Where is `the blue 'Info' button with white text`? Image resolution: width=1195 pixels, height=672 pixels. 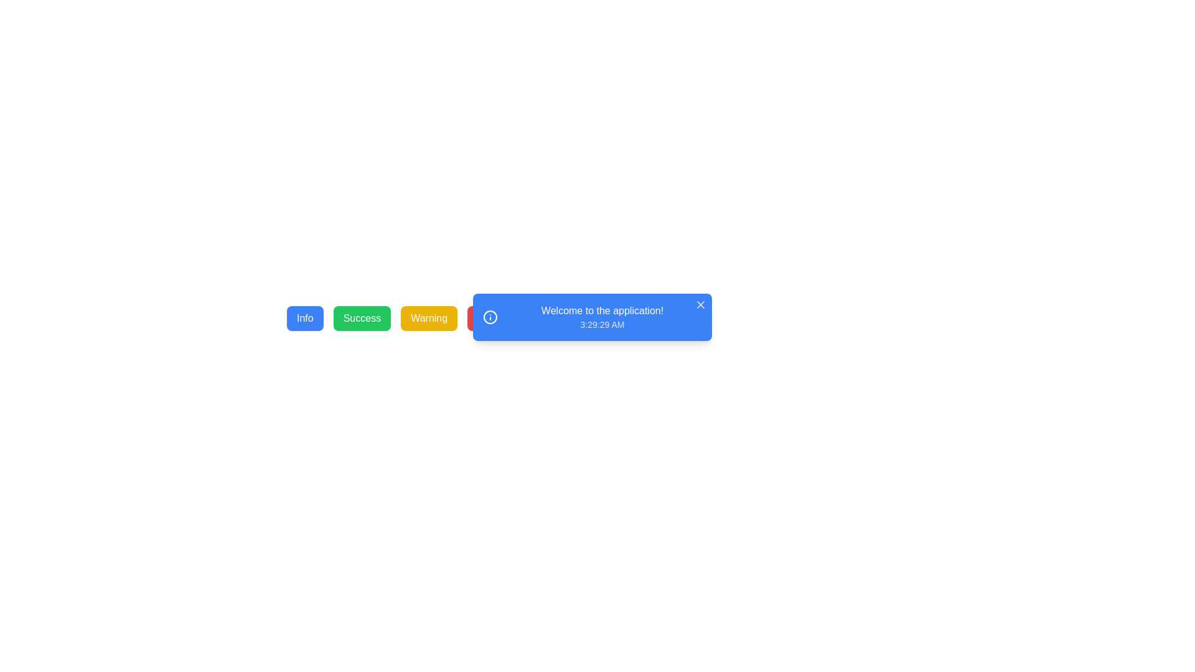 the blue 'Info' button with white text is located at coordinates (305, 318).